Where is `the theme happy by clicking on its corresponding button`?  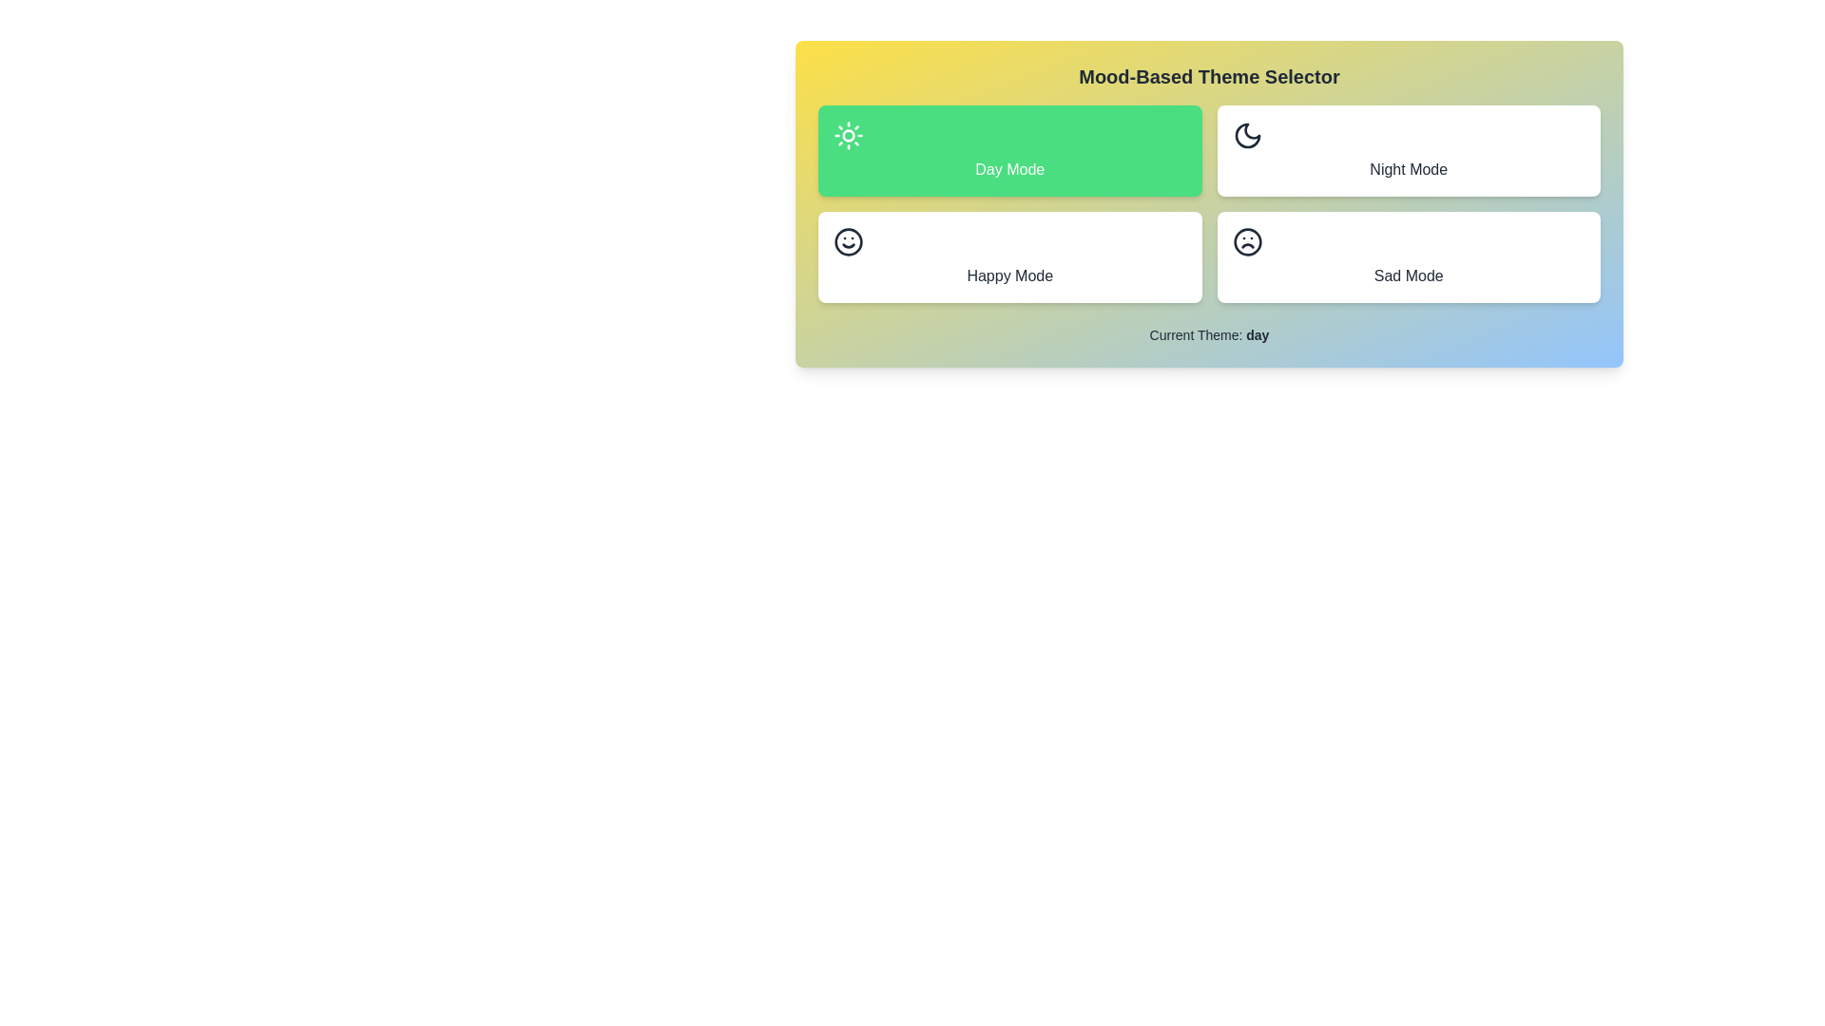
the theme happy by clicking on its corresponding button is located at coordinates (1009, 256).